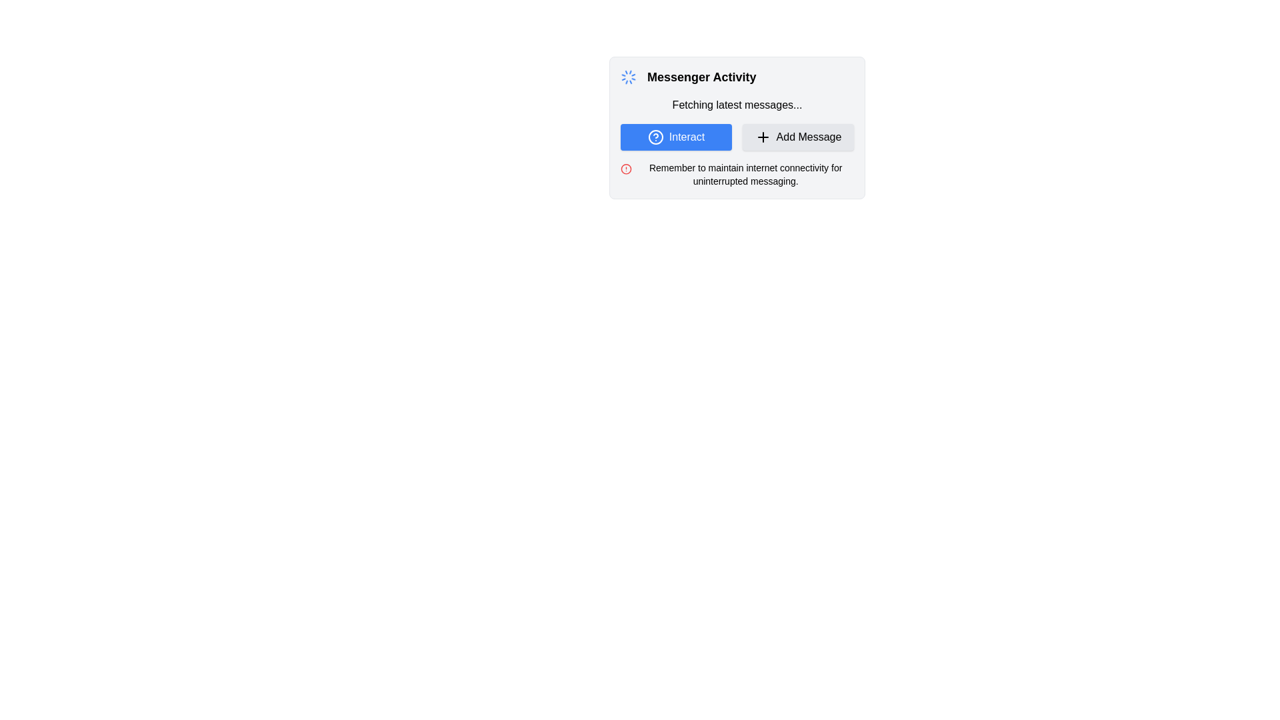 The image size is (1280, 720). I want to click on the text label displaying the message 'Remember to maintain internet connectivity for uninterrupted messaging.' located to the right of a red-alert icon in the 'Messenger Activity' box, so click(745, 174).